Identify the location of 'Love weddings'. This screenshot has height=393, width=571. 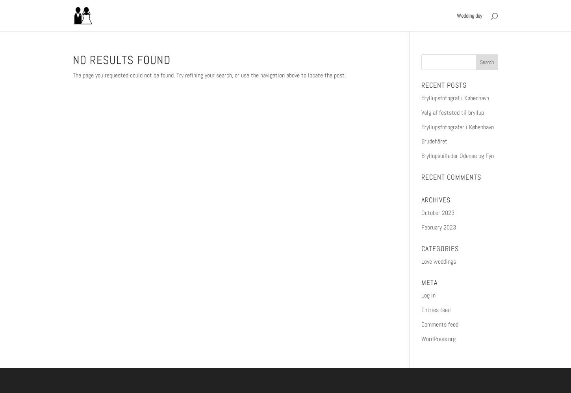
(438, 261).